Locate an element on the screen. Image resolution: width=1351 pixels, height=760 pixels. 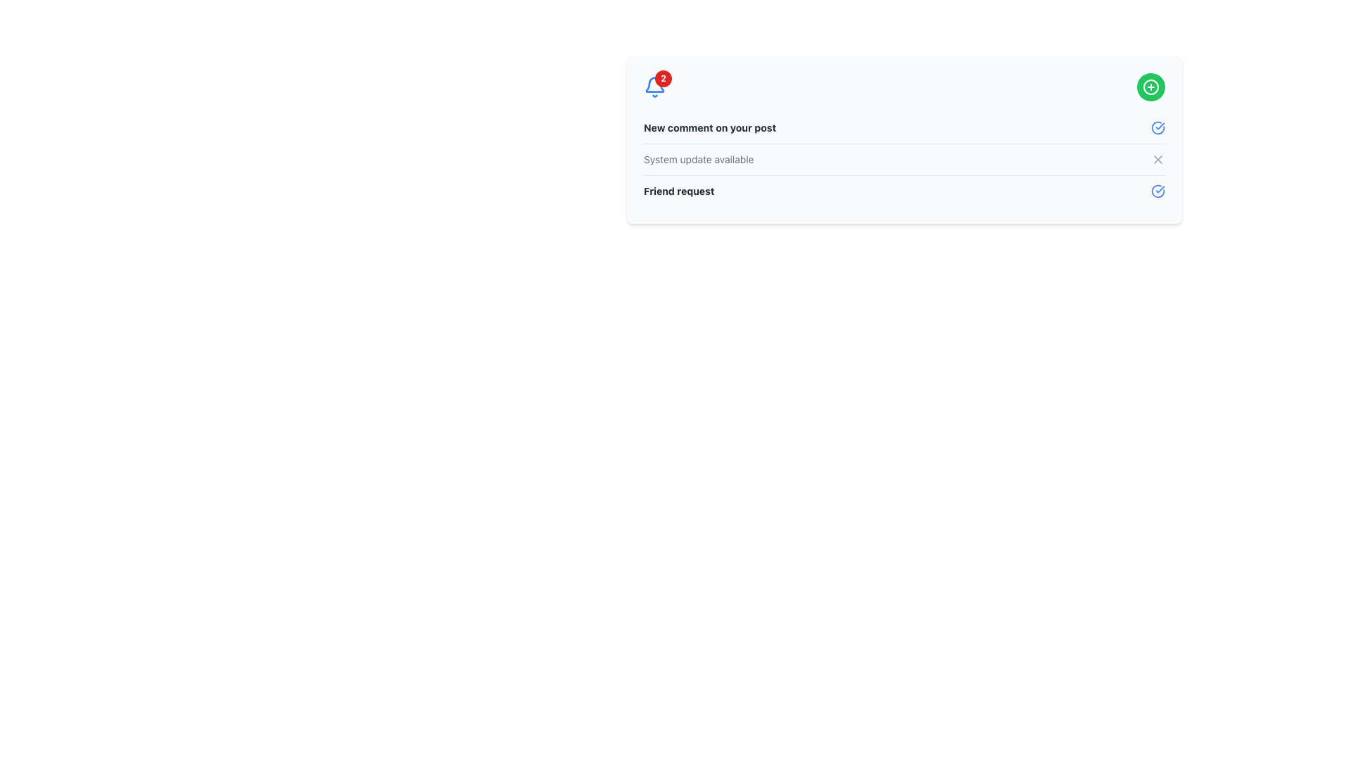
the Notification Badge that indicates there are two unread notifications, located at the top-right corner of the blue bell icon is located at coordinates (663, 78).